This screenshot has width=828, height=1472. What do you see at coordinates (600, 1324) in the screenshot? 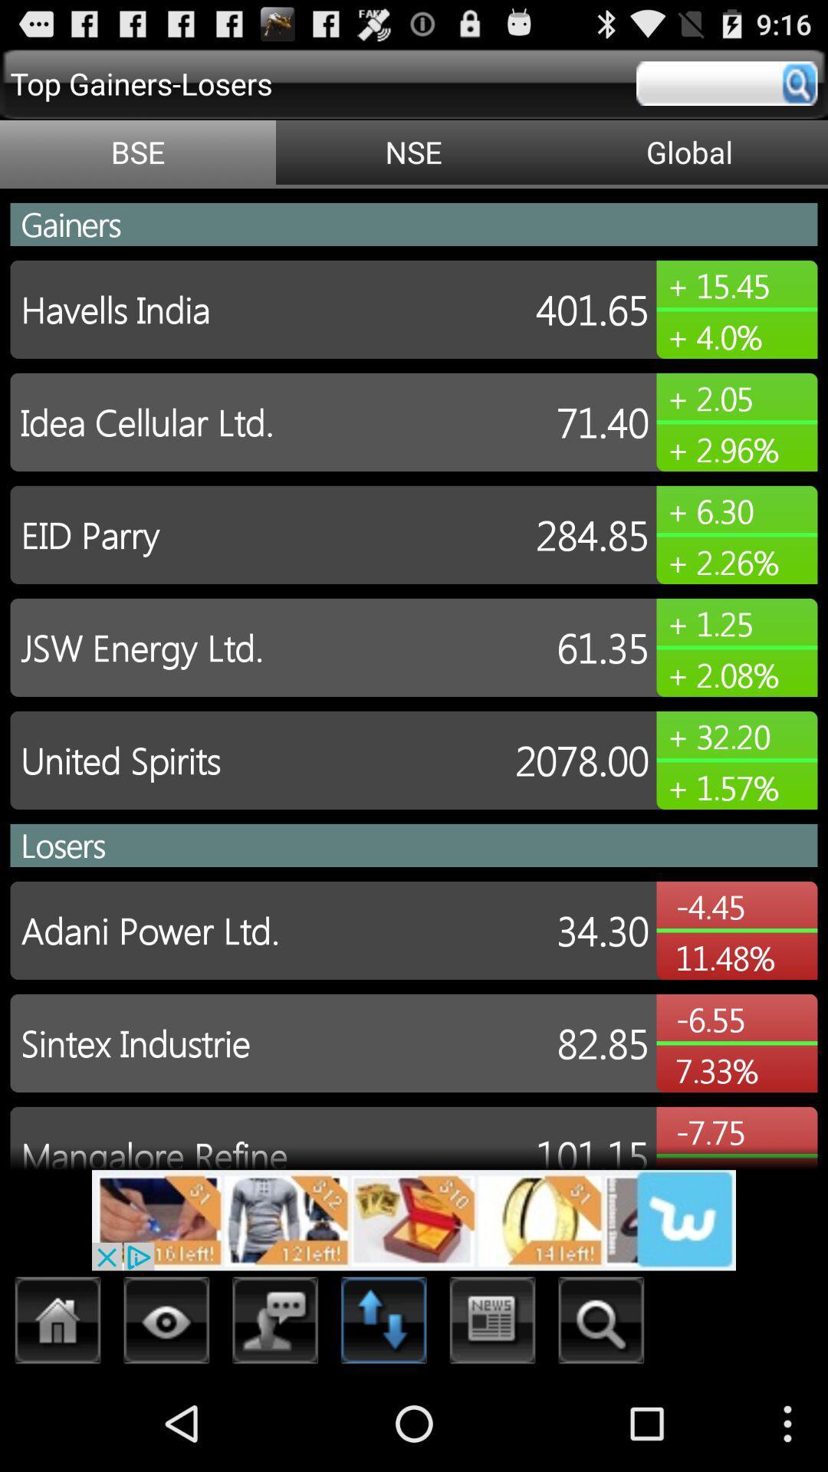
I see `find company` at bounding box center [600, 1324].